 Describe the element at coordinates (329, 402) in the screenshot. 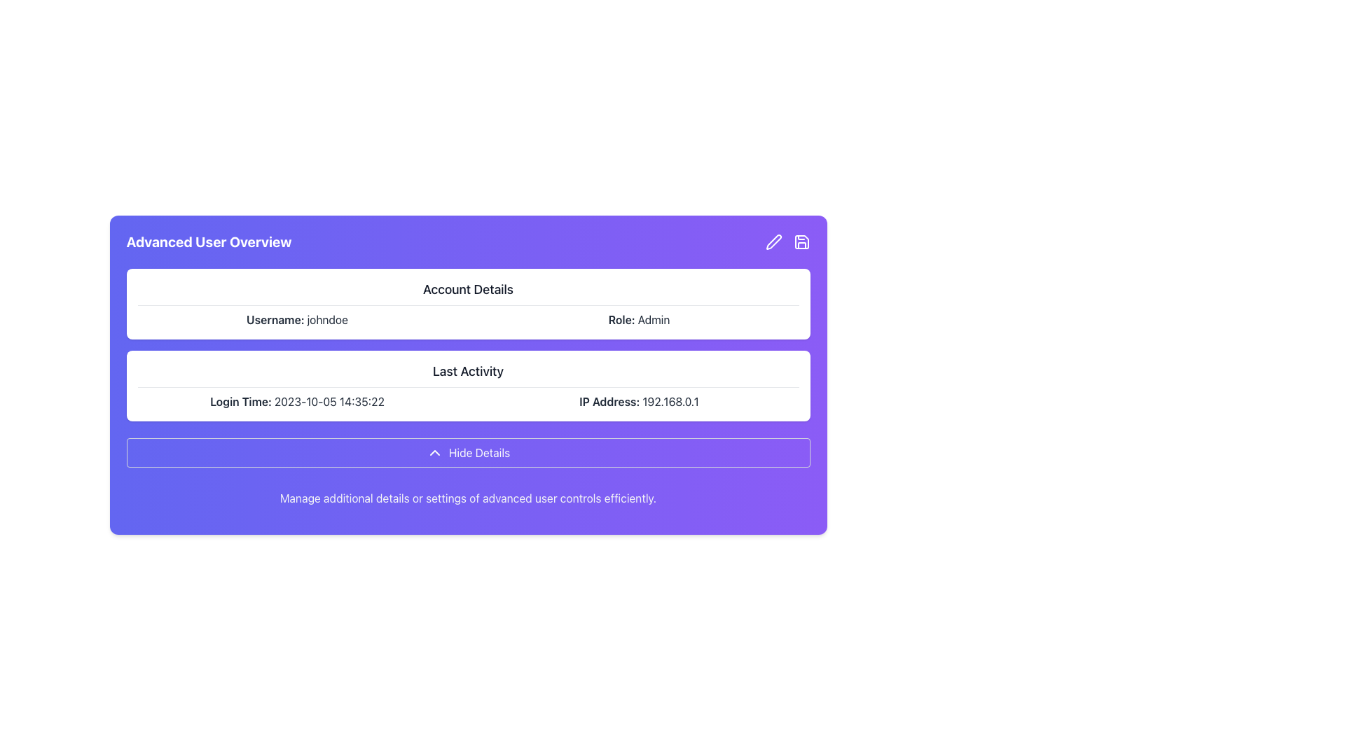

I see `the text label element displaying the login time '2023-10-05 14:35:22' in the 'Last Activity' section` at that location.